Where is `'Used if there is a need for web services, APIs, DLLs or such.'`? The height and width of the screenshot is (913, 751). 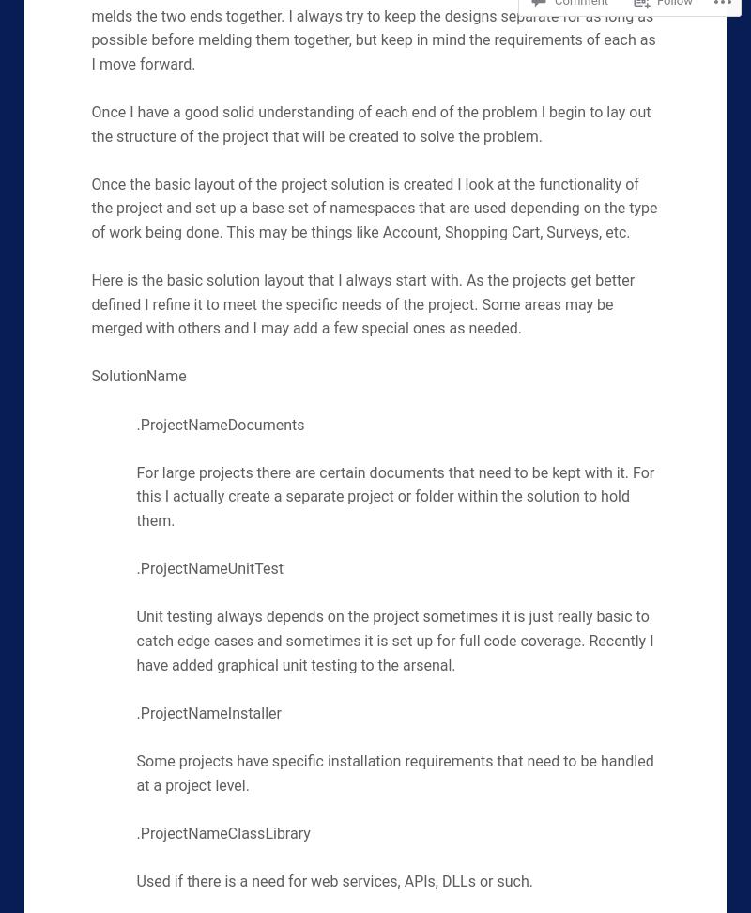
'Used if there is a need for web services, APIs, DLLs or such.' is located at coordinates (135, 879).